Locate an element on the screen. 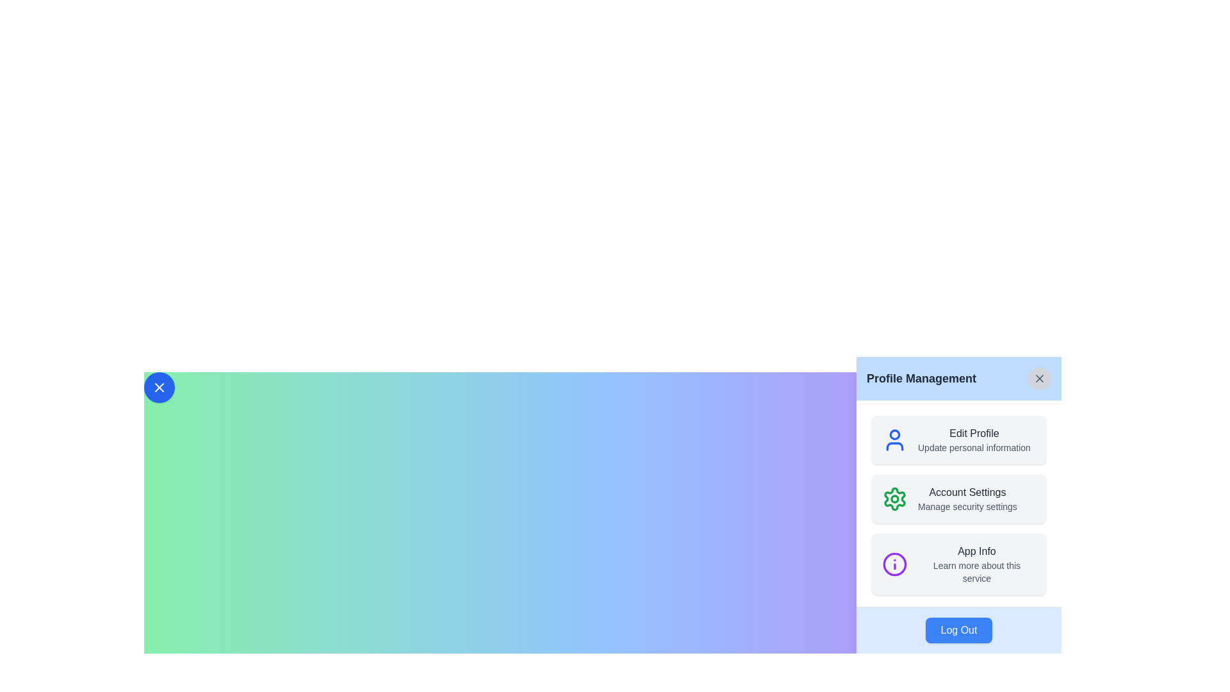 This screenshot has width=1230, height=692. the close button located at the top-right corner of the 'Profile Management' panel is located at coordinates (1039, 377).